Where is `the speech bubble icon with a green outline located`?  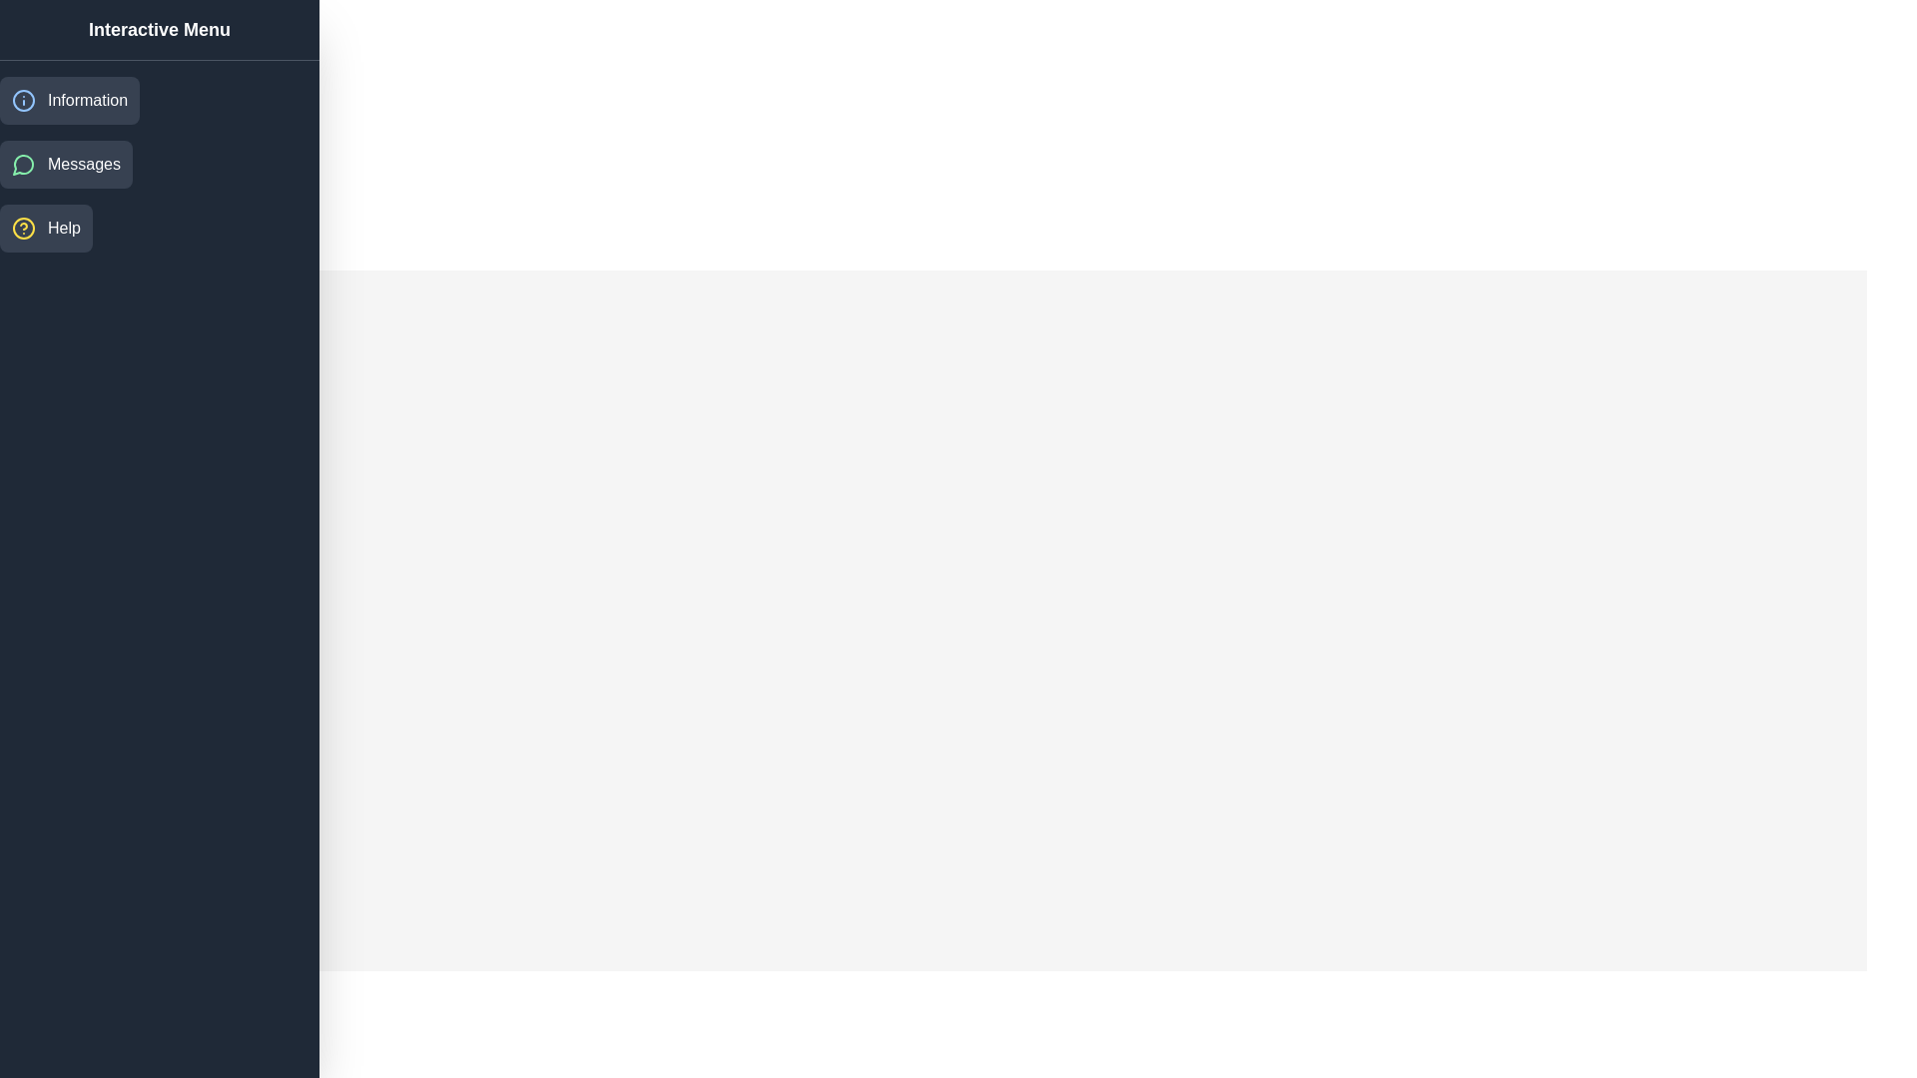 the speech bubble icon with a green outline located is located at coordinates (24, 164).